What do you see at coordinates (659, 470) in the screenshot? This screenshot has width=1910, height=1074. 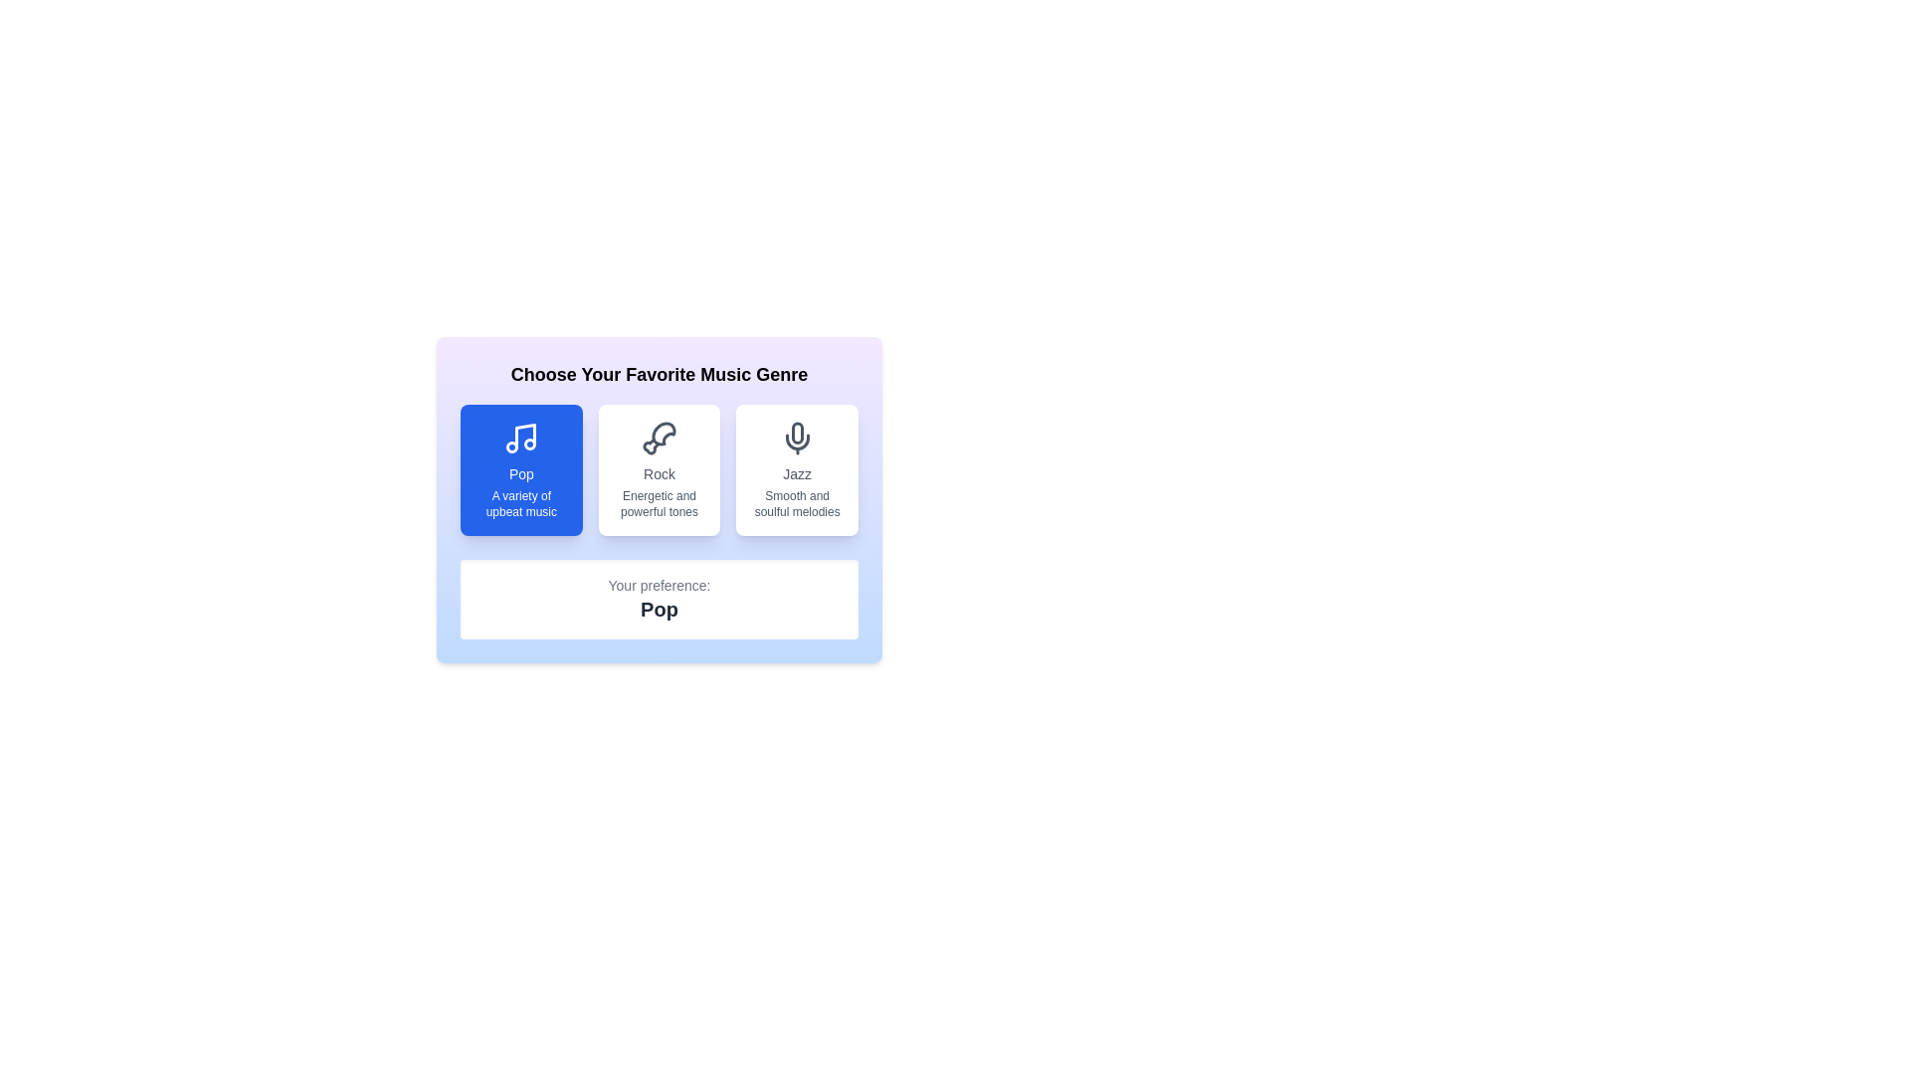 I see `the music genre Rock by clicking the corresponding button` at bounding box center [659, 470].